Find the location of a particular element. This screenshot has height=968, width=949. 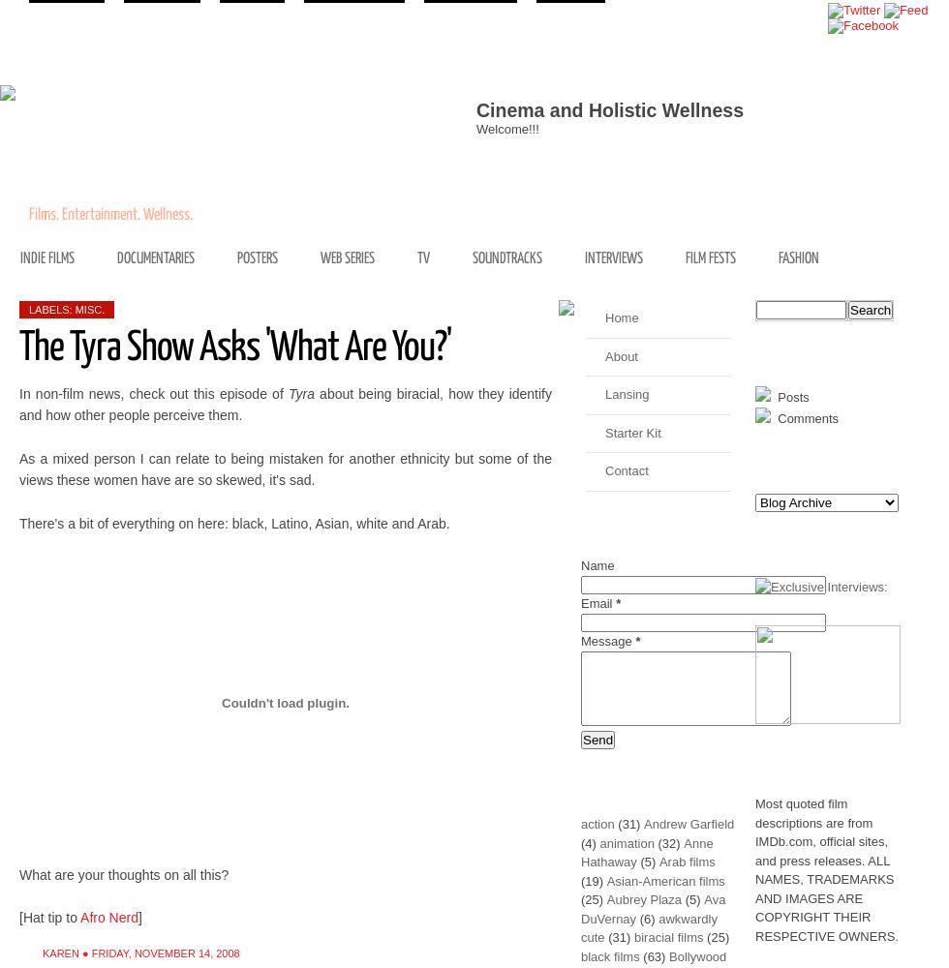

'awkwardly cute' is located at coordinates (649, 926).